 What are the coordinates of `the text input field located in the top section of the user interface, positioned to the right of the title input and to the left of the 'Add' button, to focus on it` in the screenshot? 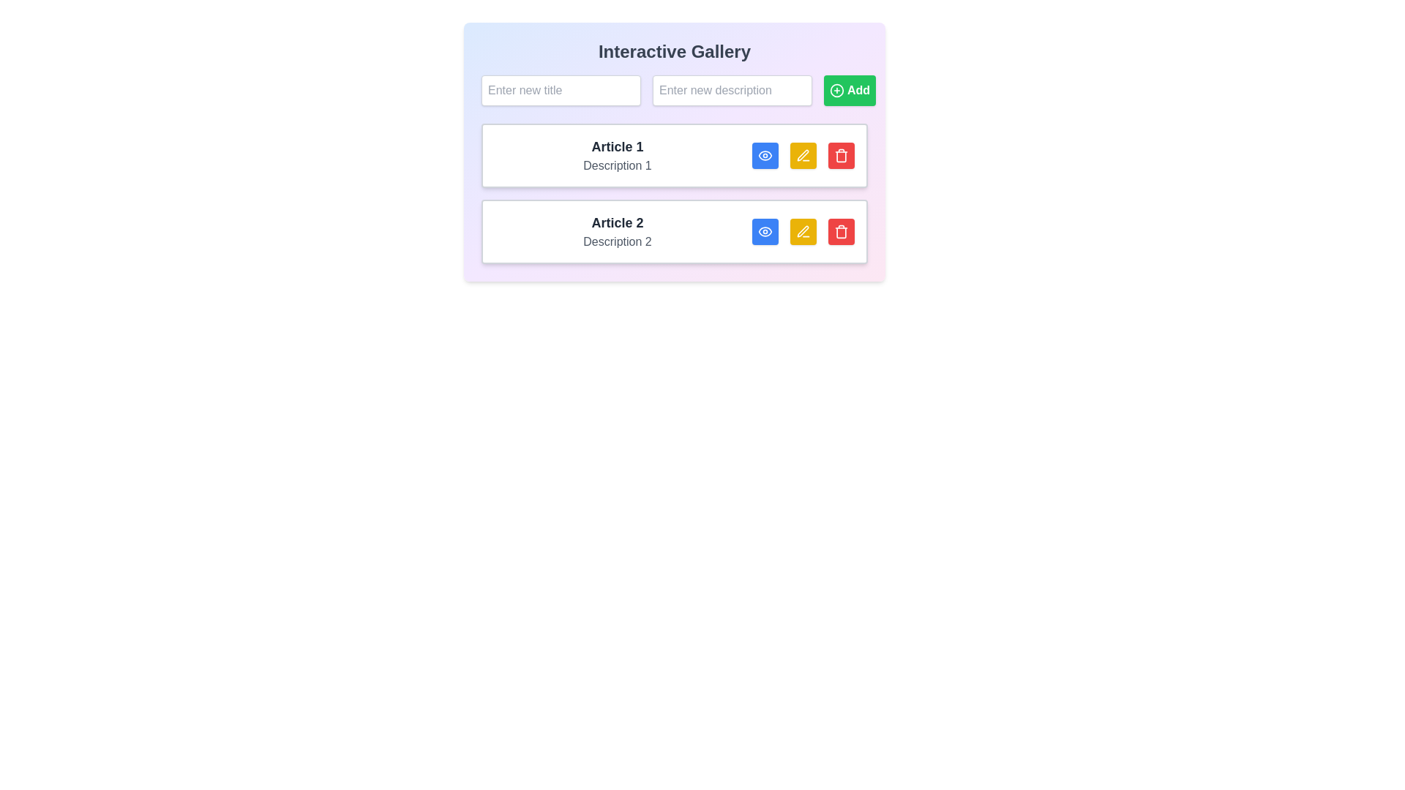 It's located at (673, 90).